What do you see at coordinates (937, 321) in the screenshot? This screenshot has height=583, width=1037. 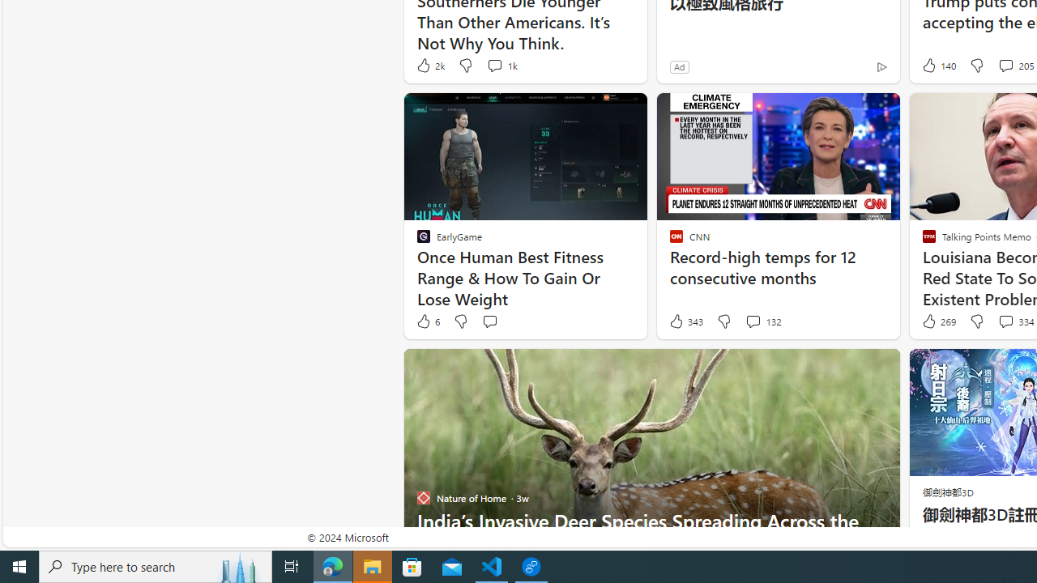 I see `'269 Like'` at bounding box center [937, 321].